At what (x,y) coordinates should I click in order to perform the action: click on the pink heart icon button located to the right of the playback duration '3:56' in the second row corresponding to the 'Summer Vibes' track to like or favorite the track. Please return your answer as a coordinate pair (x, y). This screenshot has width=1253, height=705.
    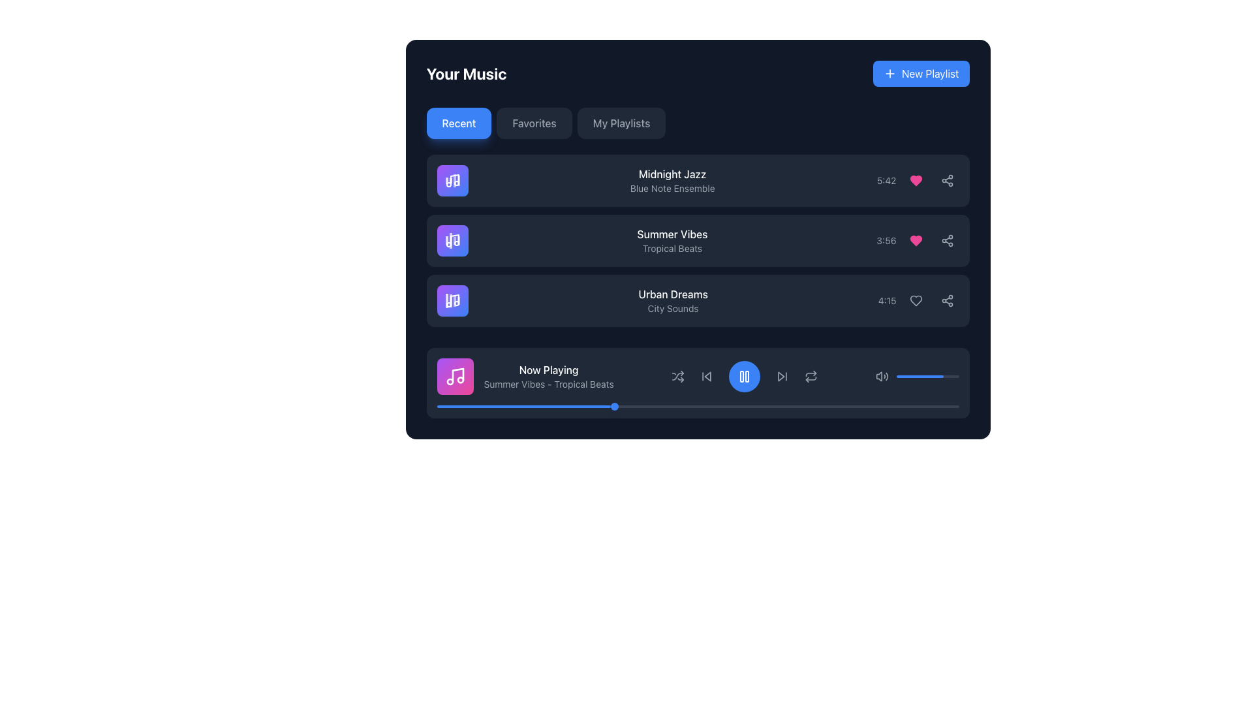
    Looking at the image, I should click on (917, 241).